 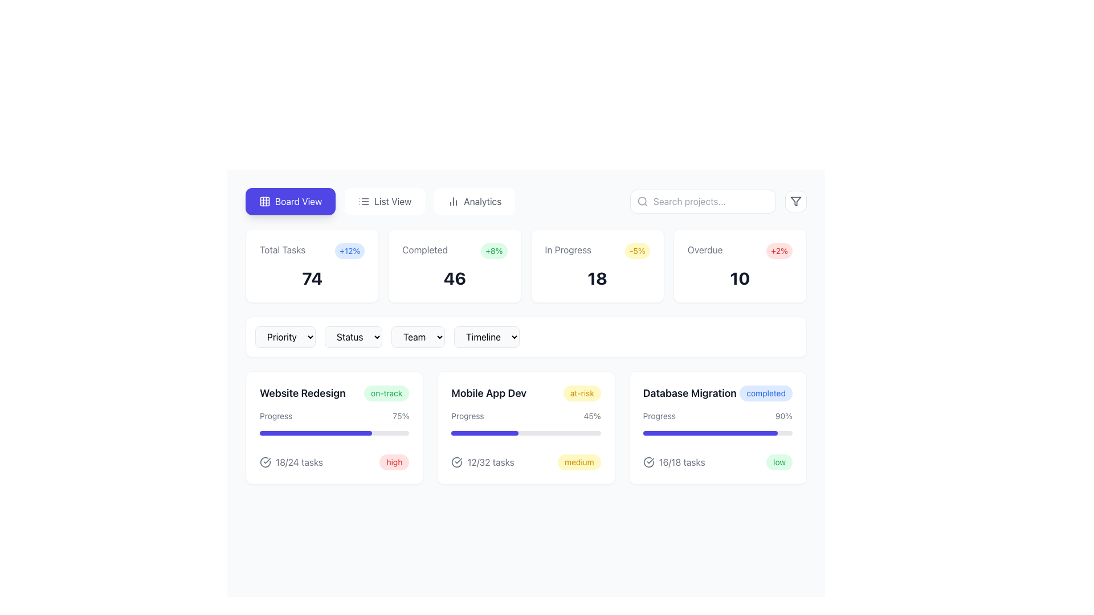 I want to click on the 'Team' dropdown button, which has a light gray background, rounded corners, and a dropdown icon, so click(x=418, y=336).